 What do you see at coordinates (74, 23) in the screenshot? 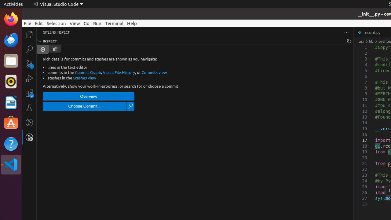
I see `'View'` at bounding box center [74, 23].